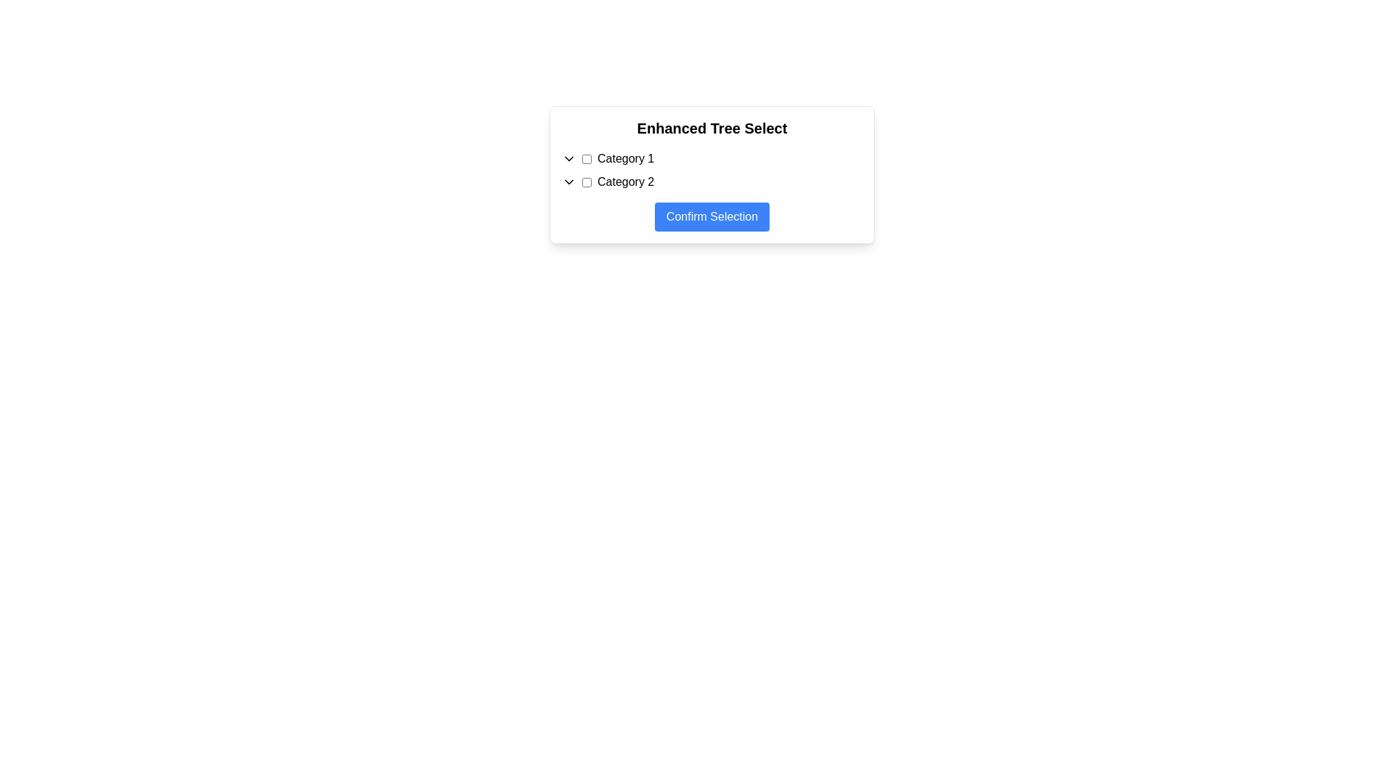 This screenshot has width=1394, height=784. Describe the element at coordinates (587, 159) in the screenshot. I see `the checkbox` at that location.